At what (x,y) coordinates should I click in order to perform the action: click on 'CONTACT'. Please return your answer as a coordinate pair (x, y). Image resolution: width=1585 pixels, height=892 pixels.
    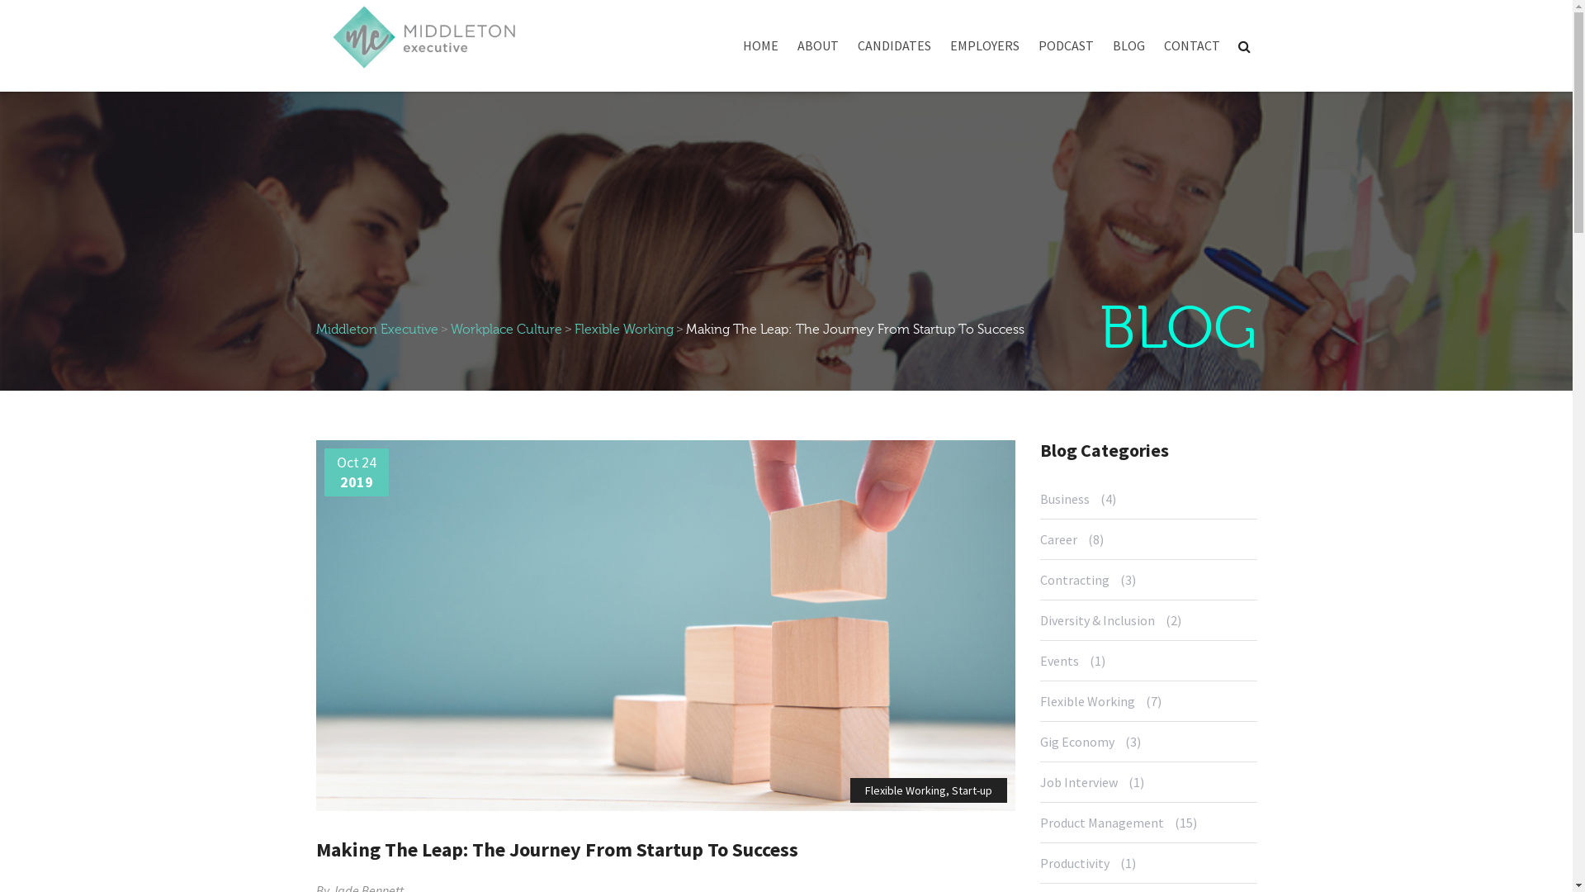
    Looking at the image, I should click on (1192, 50).